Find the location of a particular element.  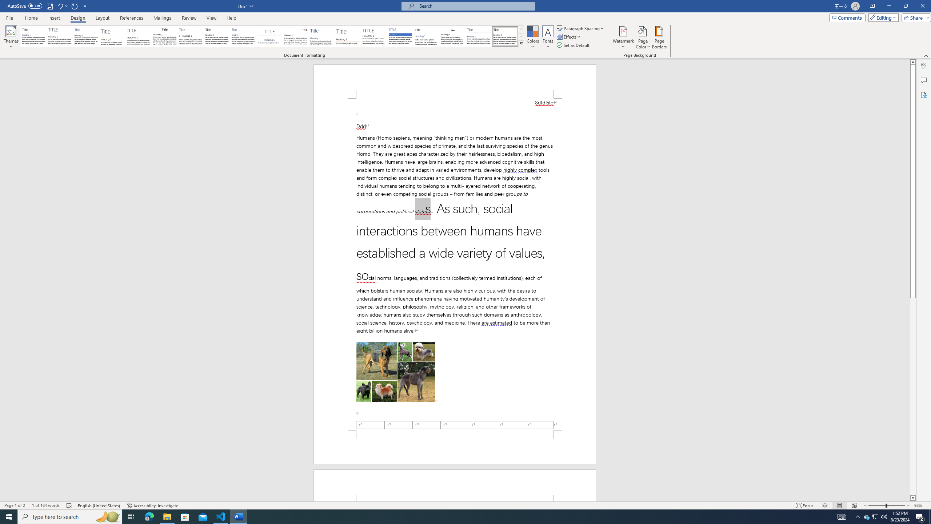

'Editing' is located at coordinates (882, 17).